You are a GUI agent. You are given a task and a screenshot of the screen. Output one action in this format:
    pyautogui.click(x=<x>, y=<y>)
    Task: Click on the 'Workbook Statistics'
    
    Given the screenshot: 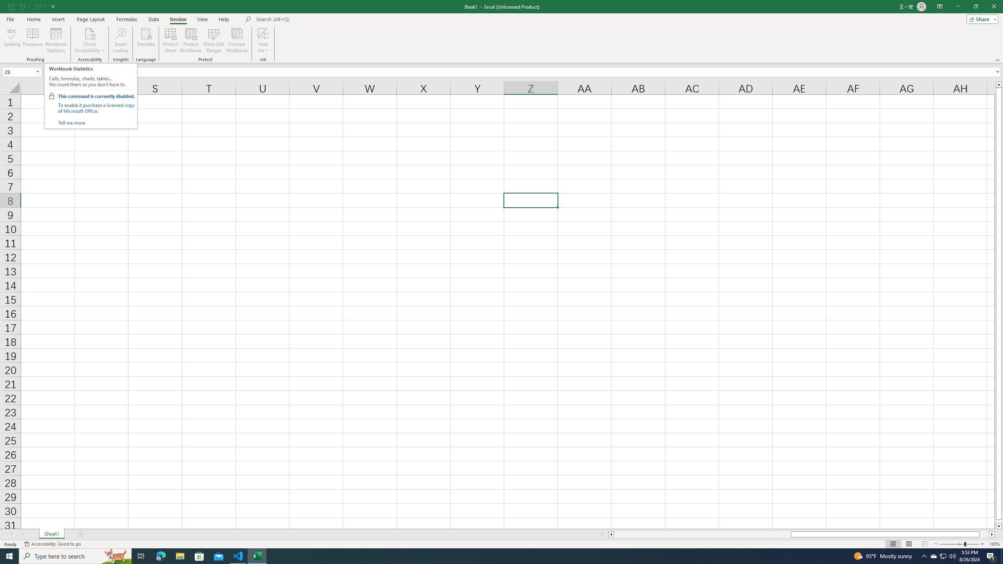 What is the action you would take?
    pyautogui.click(x=56, y=40)
    